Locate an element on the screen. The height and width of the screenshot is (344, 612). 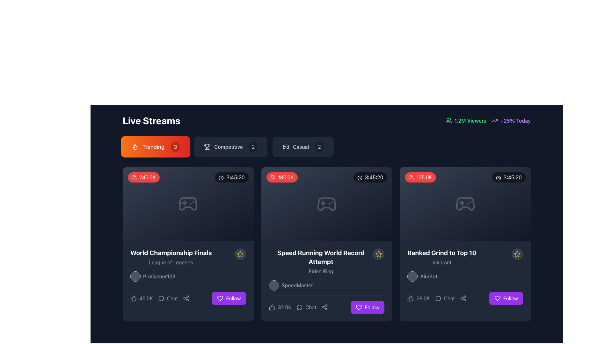
the interactive label displaying '32.0K' adjacent to the thumbs-up icon is located at coordinates (280, 307).